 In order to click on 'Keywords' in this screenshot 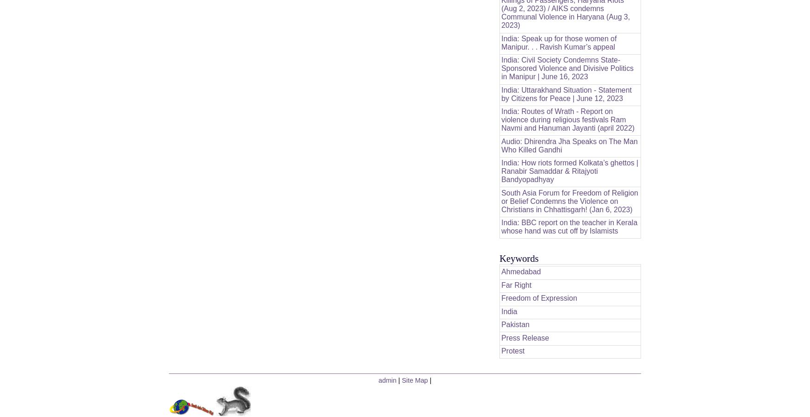, I will do `click(519, 258)`.